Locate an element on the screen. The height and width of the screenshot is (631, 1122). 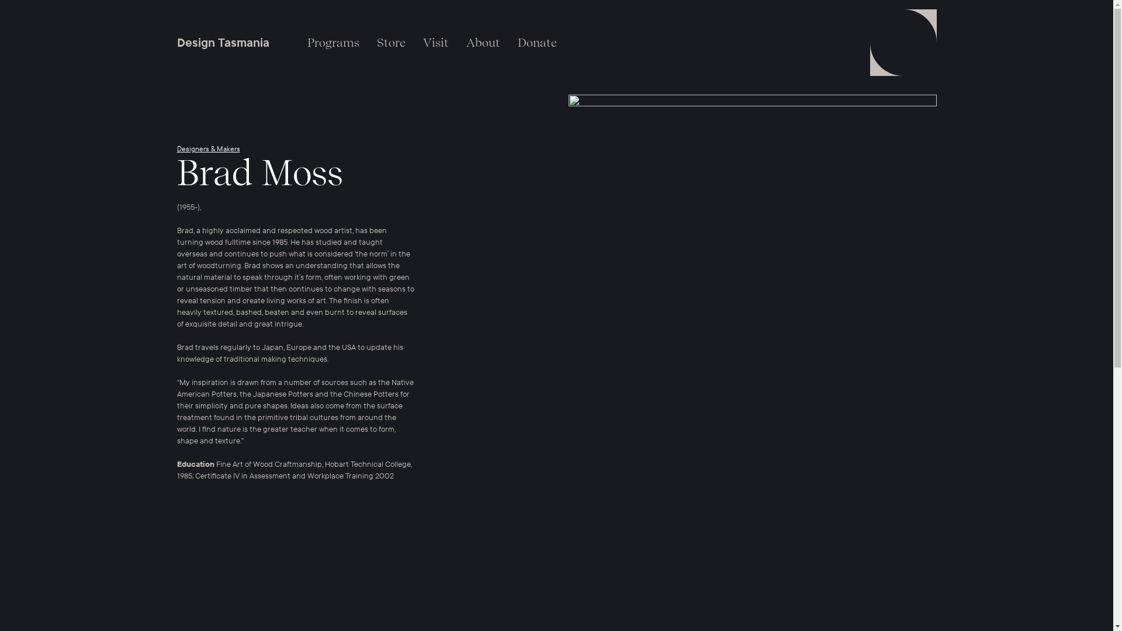
'Visit' is located at coordinates (434, 42).